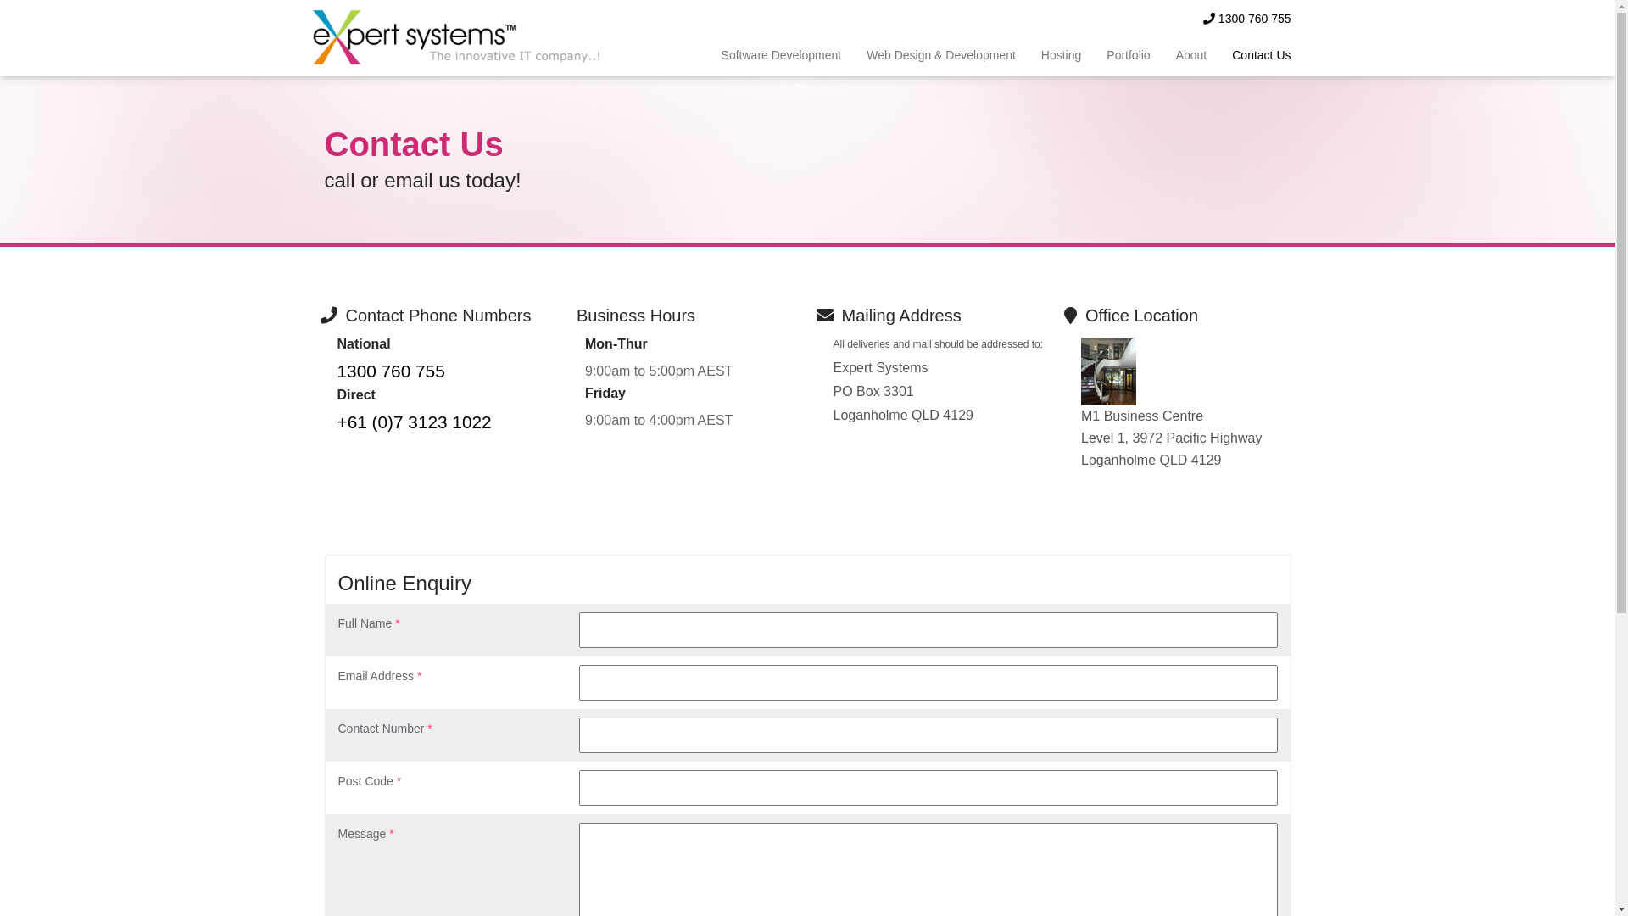  Describe the element at coordinates (1218, 54) in the screenshot. I see `'Contact Us'` at that location.